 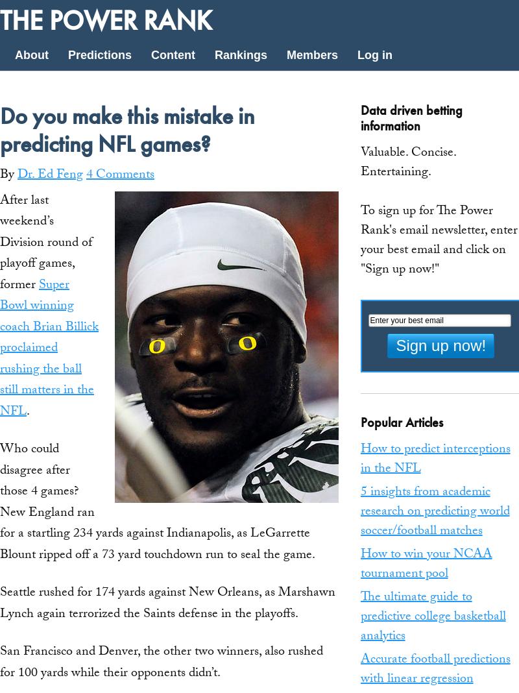 I want to click on 'Valuable. Concise. Entertaining.', so click(x=407, y=164).